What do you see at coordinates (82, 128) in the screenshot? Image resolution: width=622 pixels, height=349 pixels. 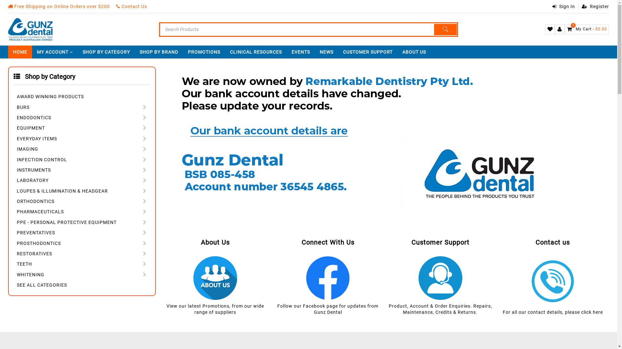 I see `'EQUIPMENT'` at bounding box center [82, 128].